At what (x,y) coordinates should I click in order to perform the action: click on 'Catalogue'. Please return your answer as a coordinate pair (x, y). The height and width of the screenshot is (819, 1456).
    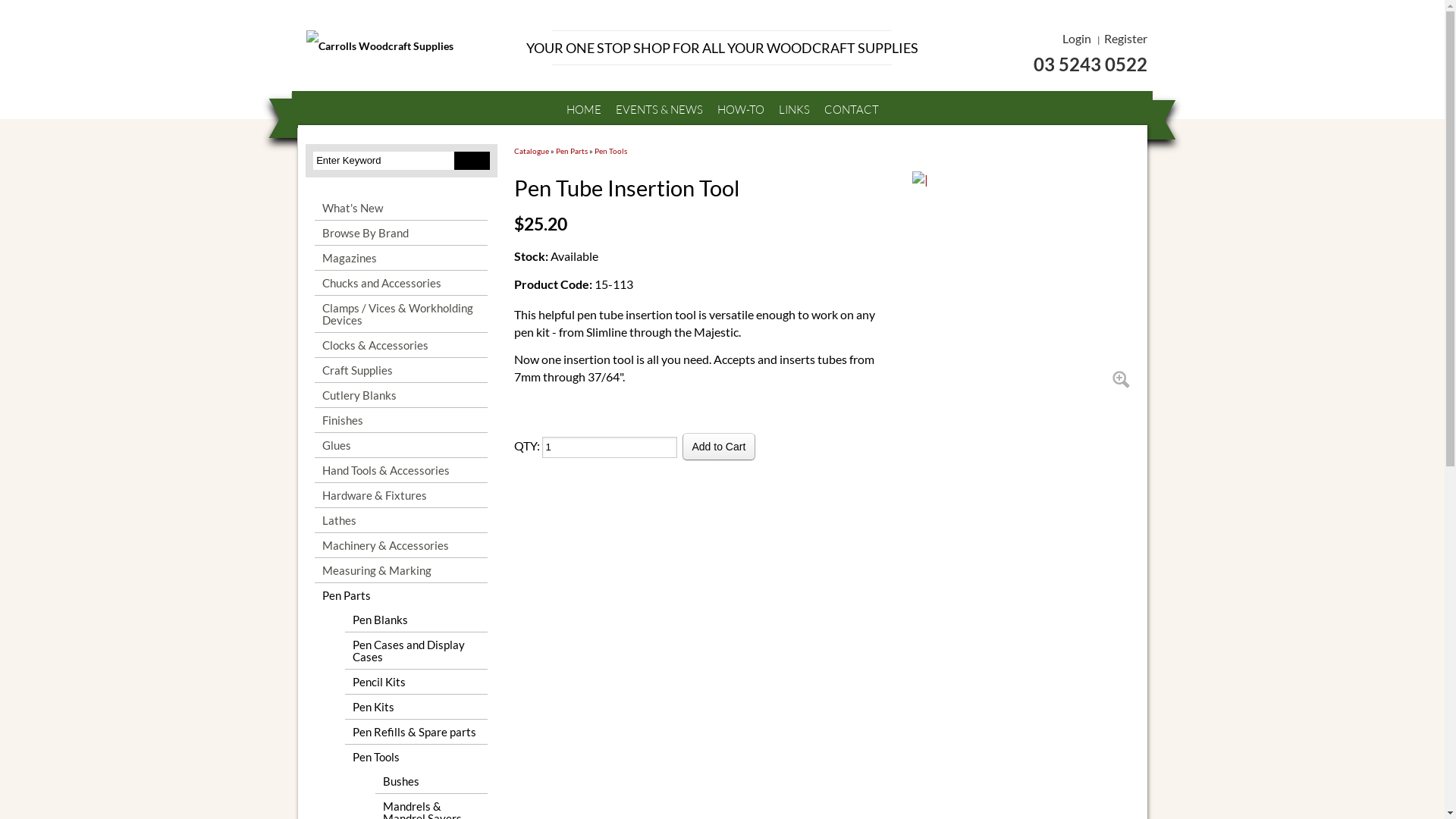
    Looking at the image, I should click on (531, 151).